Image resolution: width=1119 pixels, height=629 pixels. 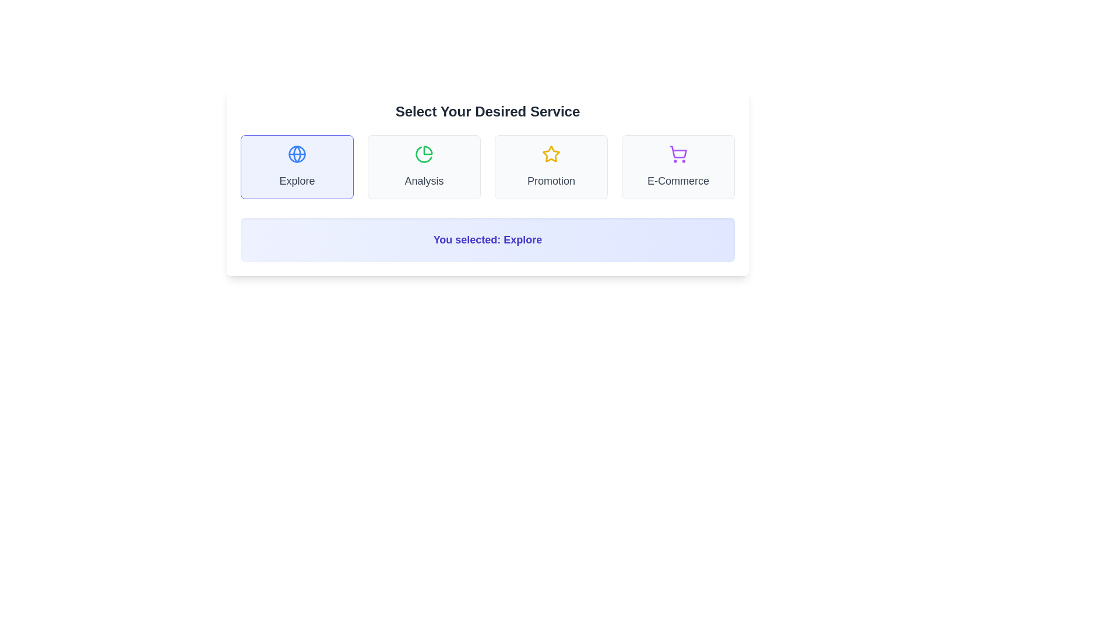 What do you see at coordinates (427, 150) in the screenshot?
I see `the top-right decorative icon segment of the pie chart representing the 'Analysis' option` at bounding box center [427, 150].